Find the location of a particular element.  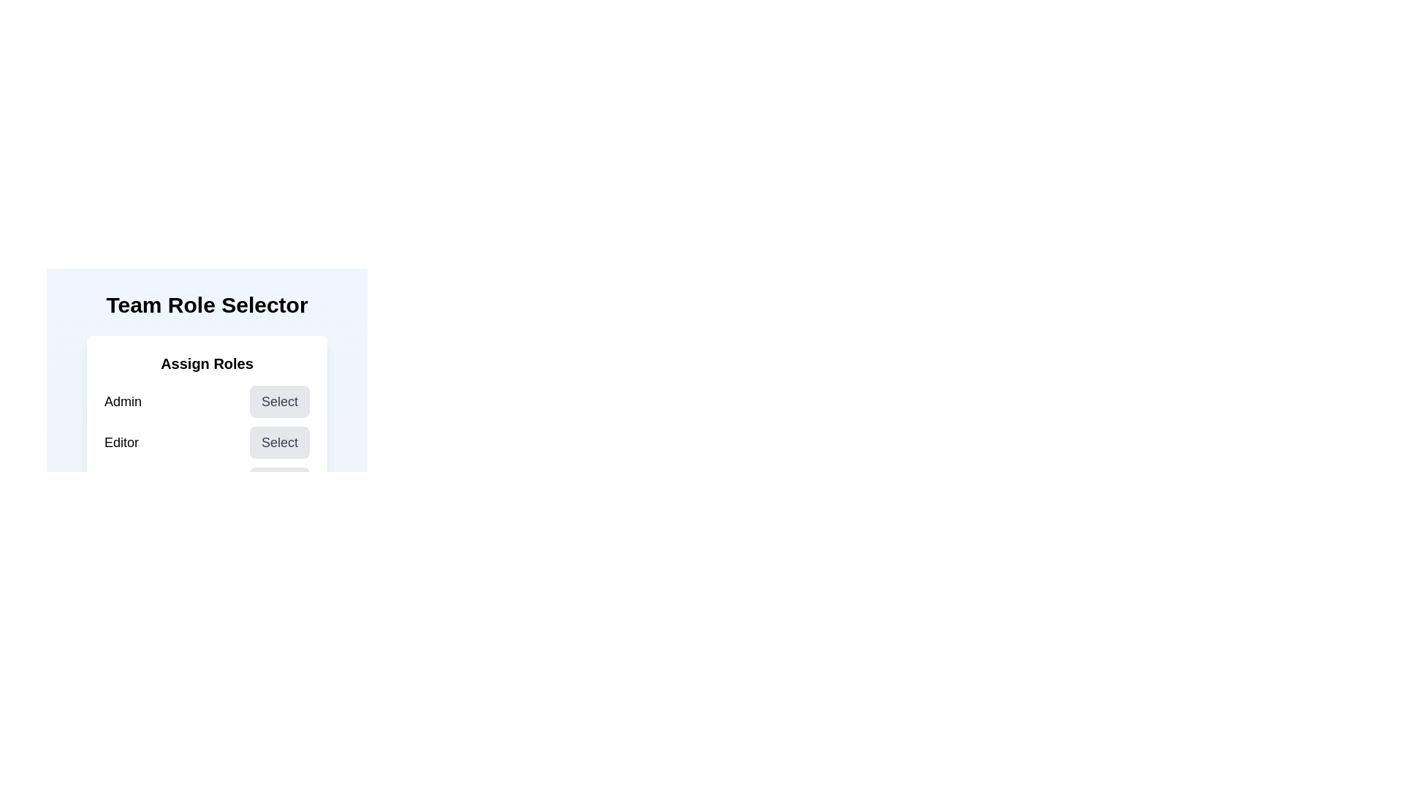

'Select' button next to the role Admin is located at coordinates (280, 402).